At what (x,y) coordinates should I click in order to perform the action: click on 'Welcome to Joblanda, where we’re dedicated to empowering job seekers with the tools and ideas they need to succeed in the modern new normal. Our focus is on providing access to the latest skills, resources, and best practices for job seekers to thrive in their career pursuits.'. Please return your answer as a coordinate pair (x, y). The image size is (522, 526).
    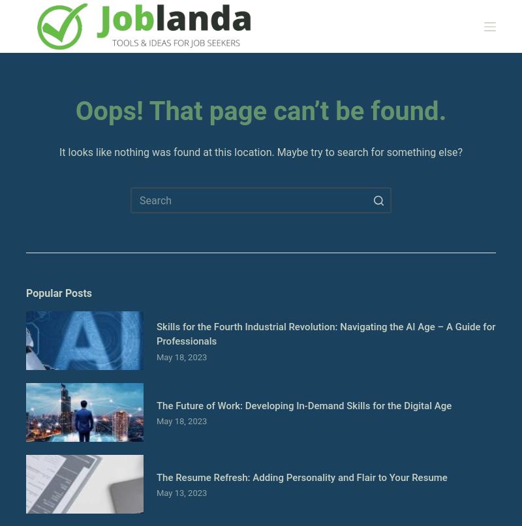
    Looking at the image, I should click on (257, 301).